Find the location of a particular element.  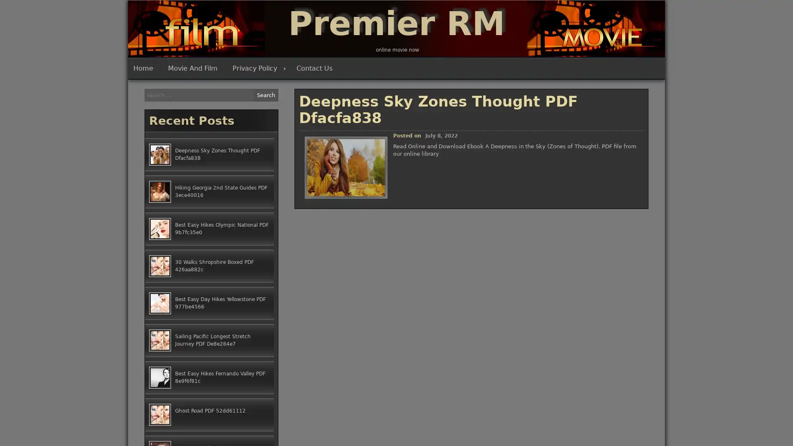

Search is located at coordinates (266, 95).